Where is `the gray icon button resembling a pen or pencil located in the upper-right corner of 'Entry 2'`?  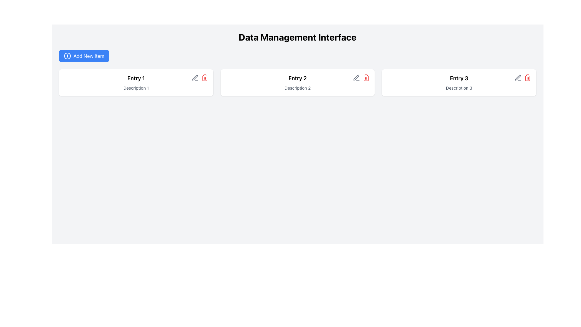 the gray icon button resembling a pen or pencil located in the upper-right corner of 'Entry 2' is located at coordinates (195, 78).